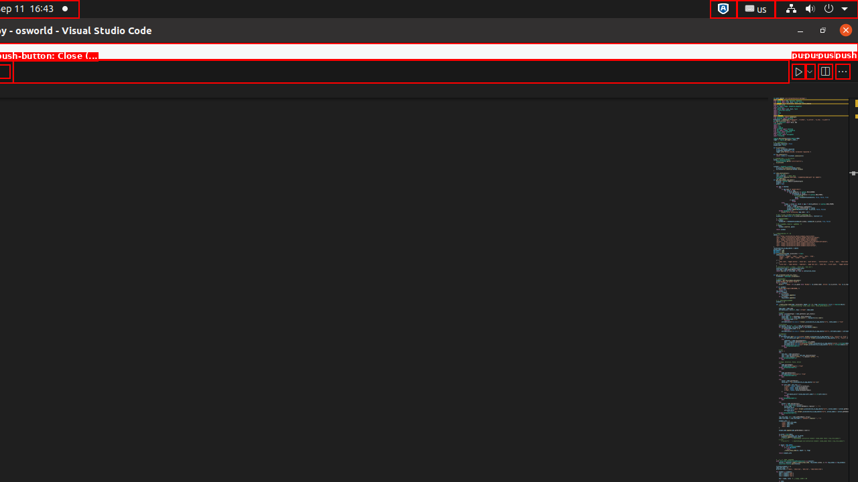  Describe the element at coordinates (798, 71) in the screenshot. I see `'Run Python File'` at that location.